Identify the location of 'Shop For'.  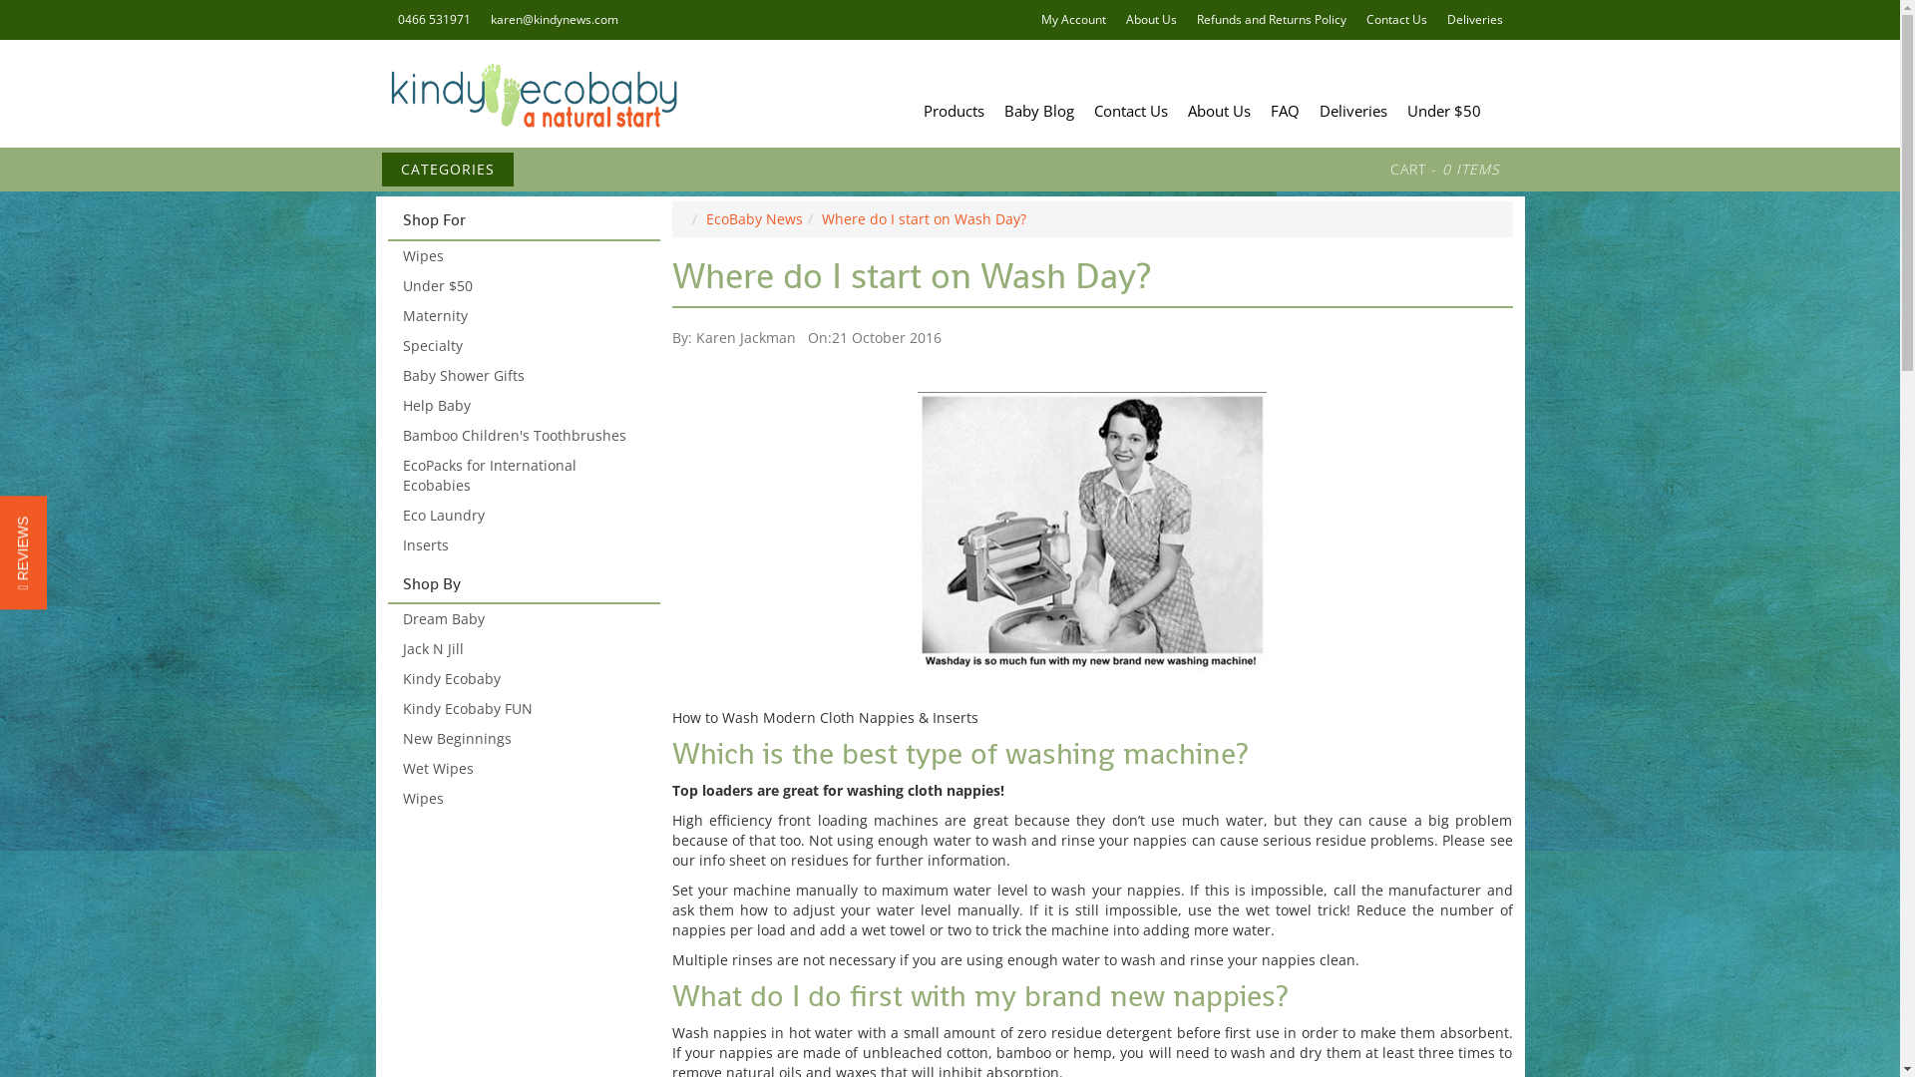
(524, 219).